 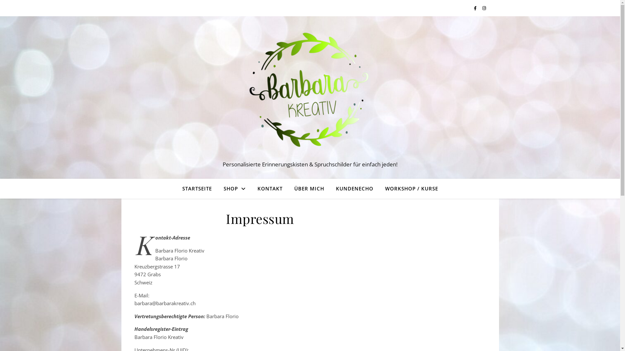 I want to click on 'KONTAKT', so click(x=270, y=188).